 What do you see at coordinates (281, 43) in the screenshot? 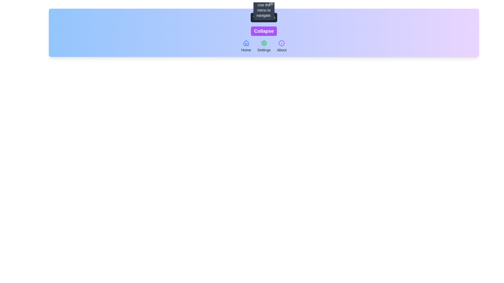
I see `the 'About' icon located in the top navigation bar, positioned to the right of the 'Settings' section` at bounding box center [281, 43].